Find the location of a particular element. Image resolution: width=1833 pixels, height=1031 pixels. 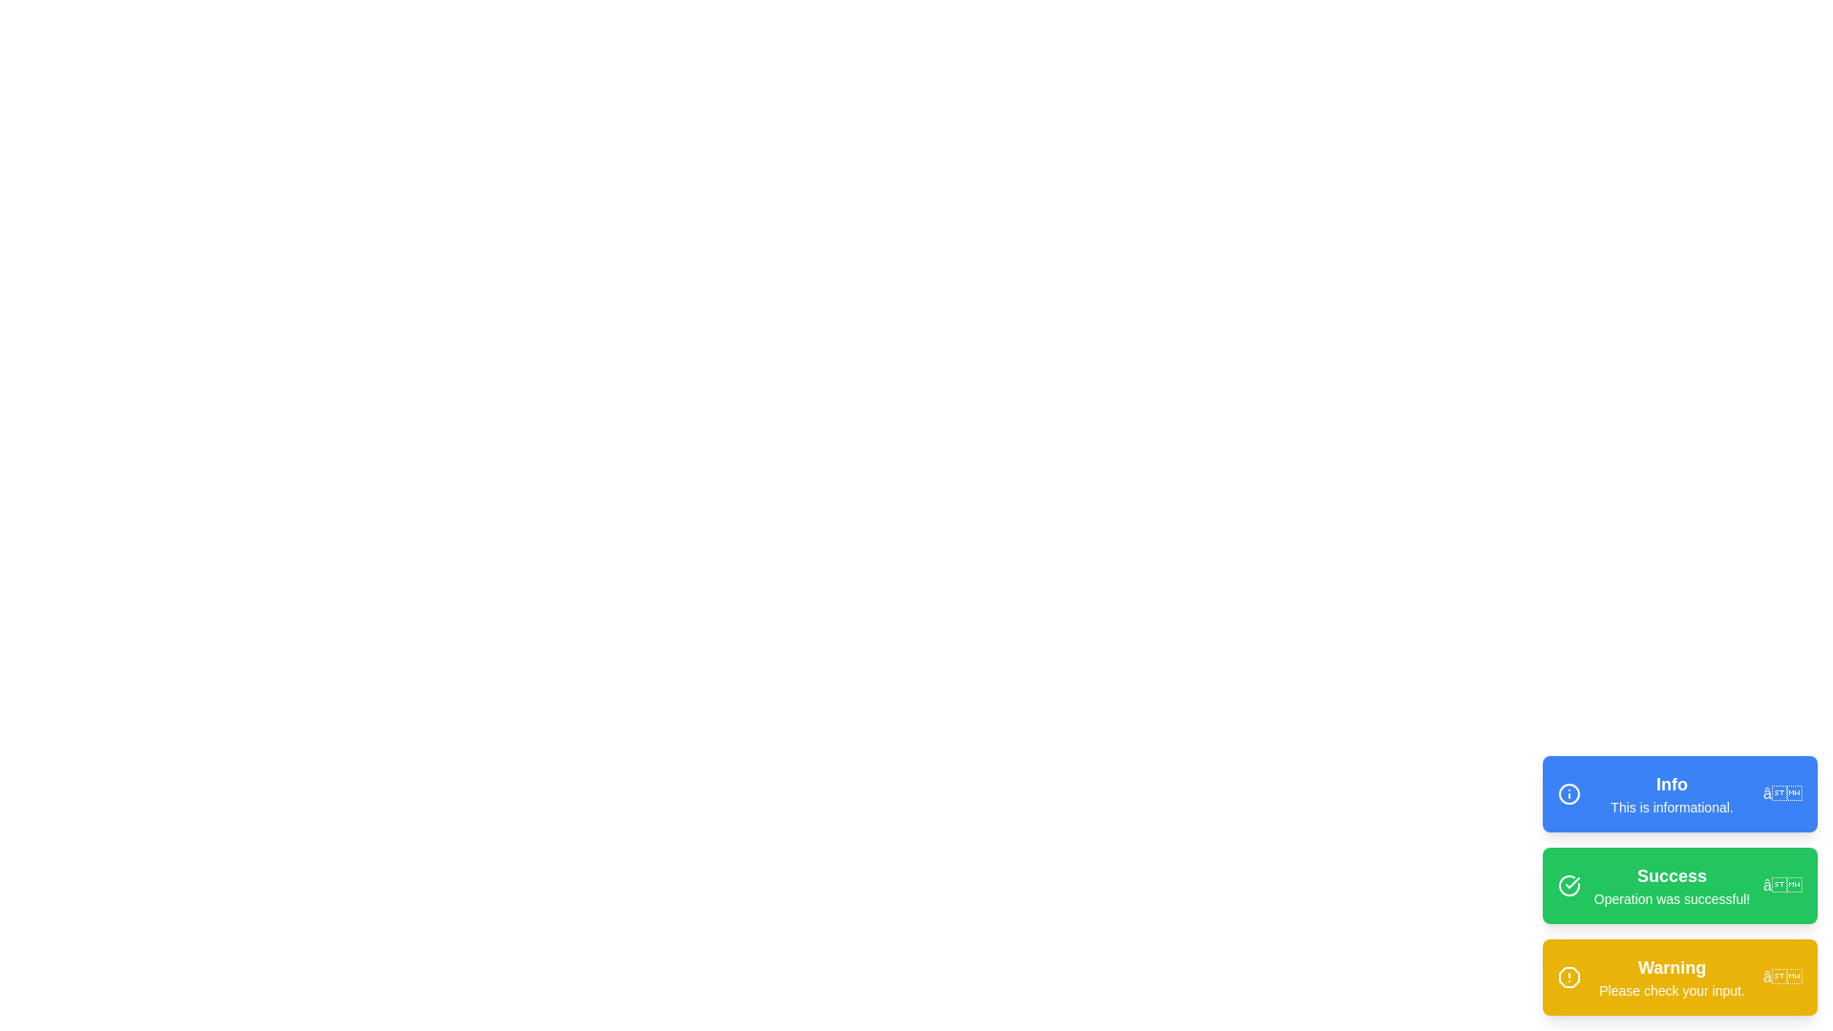

the close button represented by the symbol '✕' in the top-right corner of the success notification box is located at coordinates (1781, 886).